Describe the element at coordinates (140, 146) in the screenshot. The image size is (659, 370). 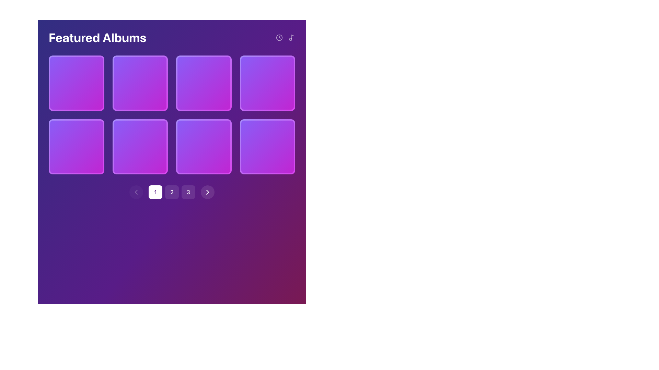
I see `the square tile Card with a gradient color scheme transitioning from violet to fuchsia located in the second row and second column of the grid layout` at that location.